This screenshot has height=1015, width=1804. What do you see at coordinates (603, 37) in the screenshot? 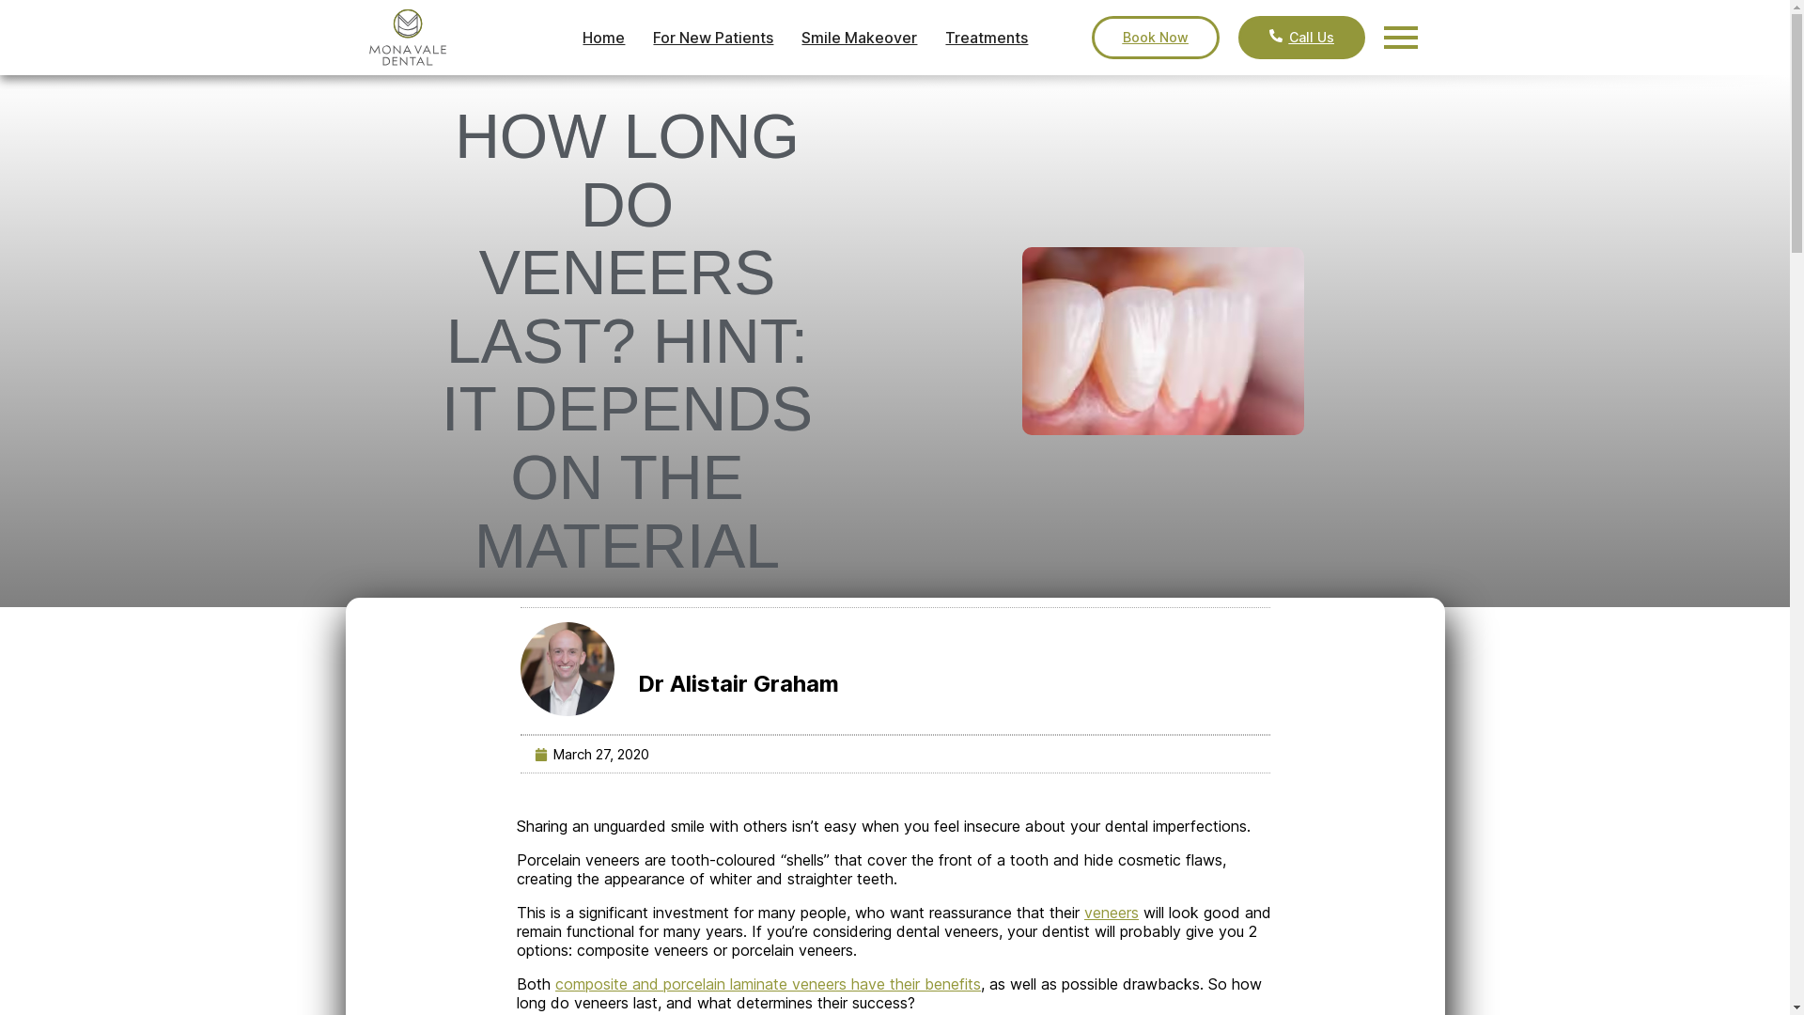
I see `'Home'` at bounding box center [603, 37].